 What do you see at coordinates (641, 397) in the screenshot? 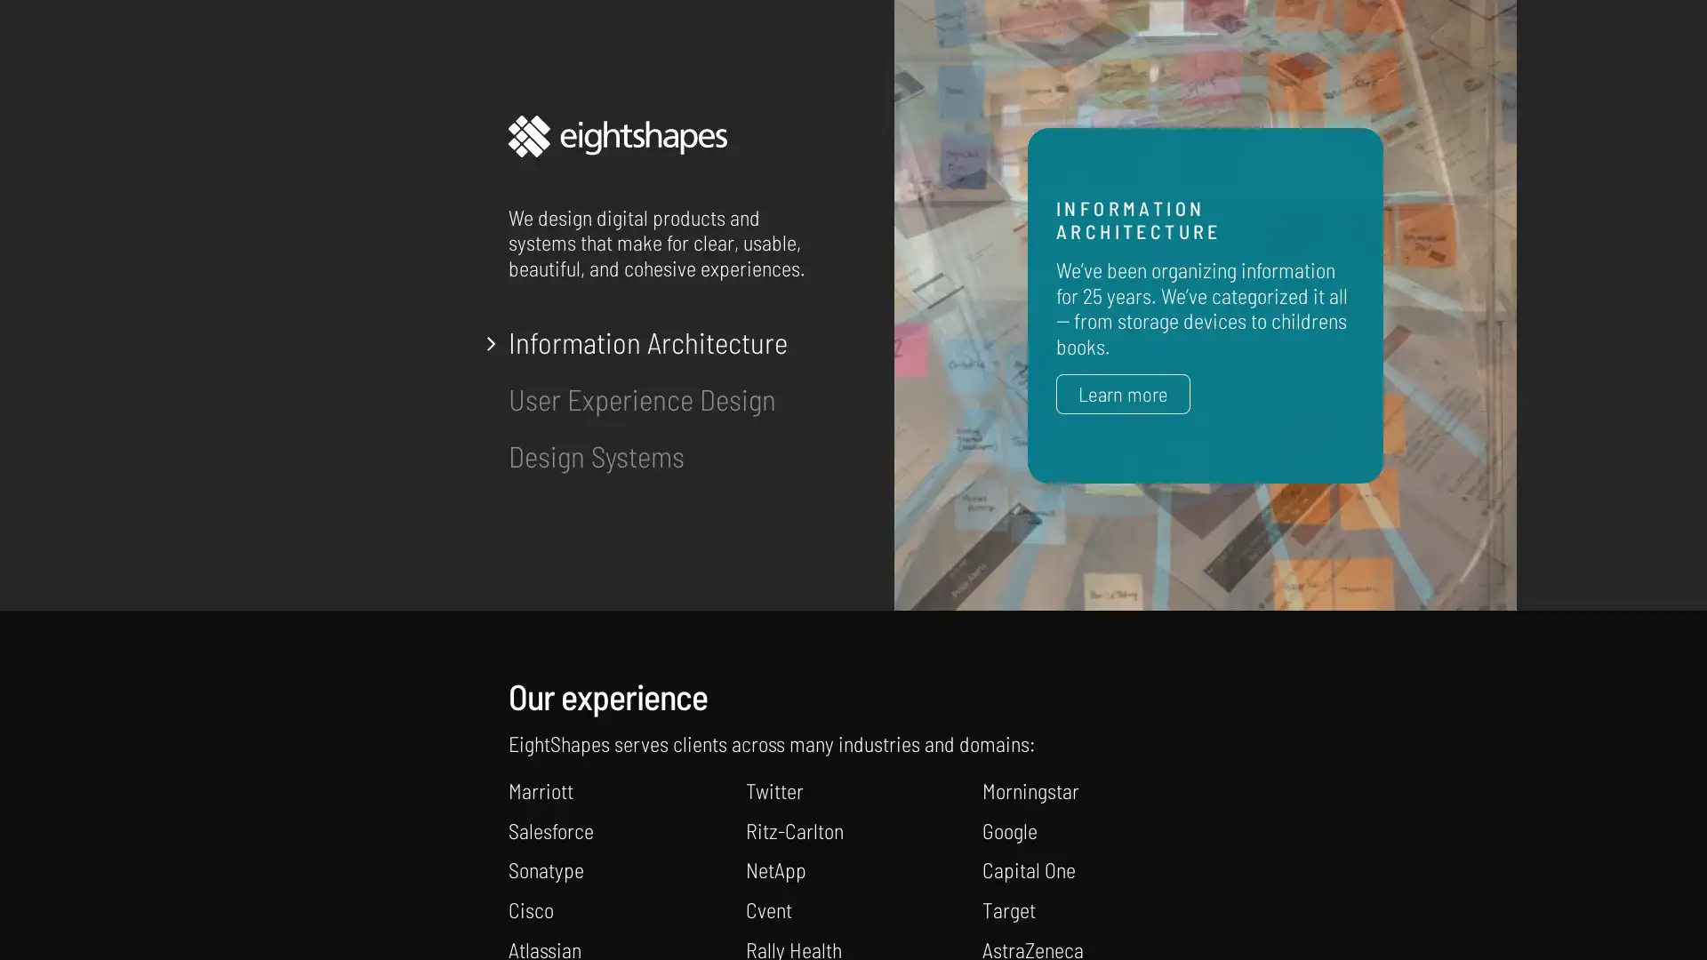
I see `User Experience Design` at bounding box center [641, 397].